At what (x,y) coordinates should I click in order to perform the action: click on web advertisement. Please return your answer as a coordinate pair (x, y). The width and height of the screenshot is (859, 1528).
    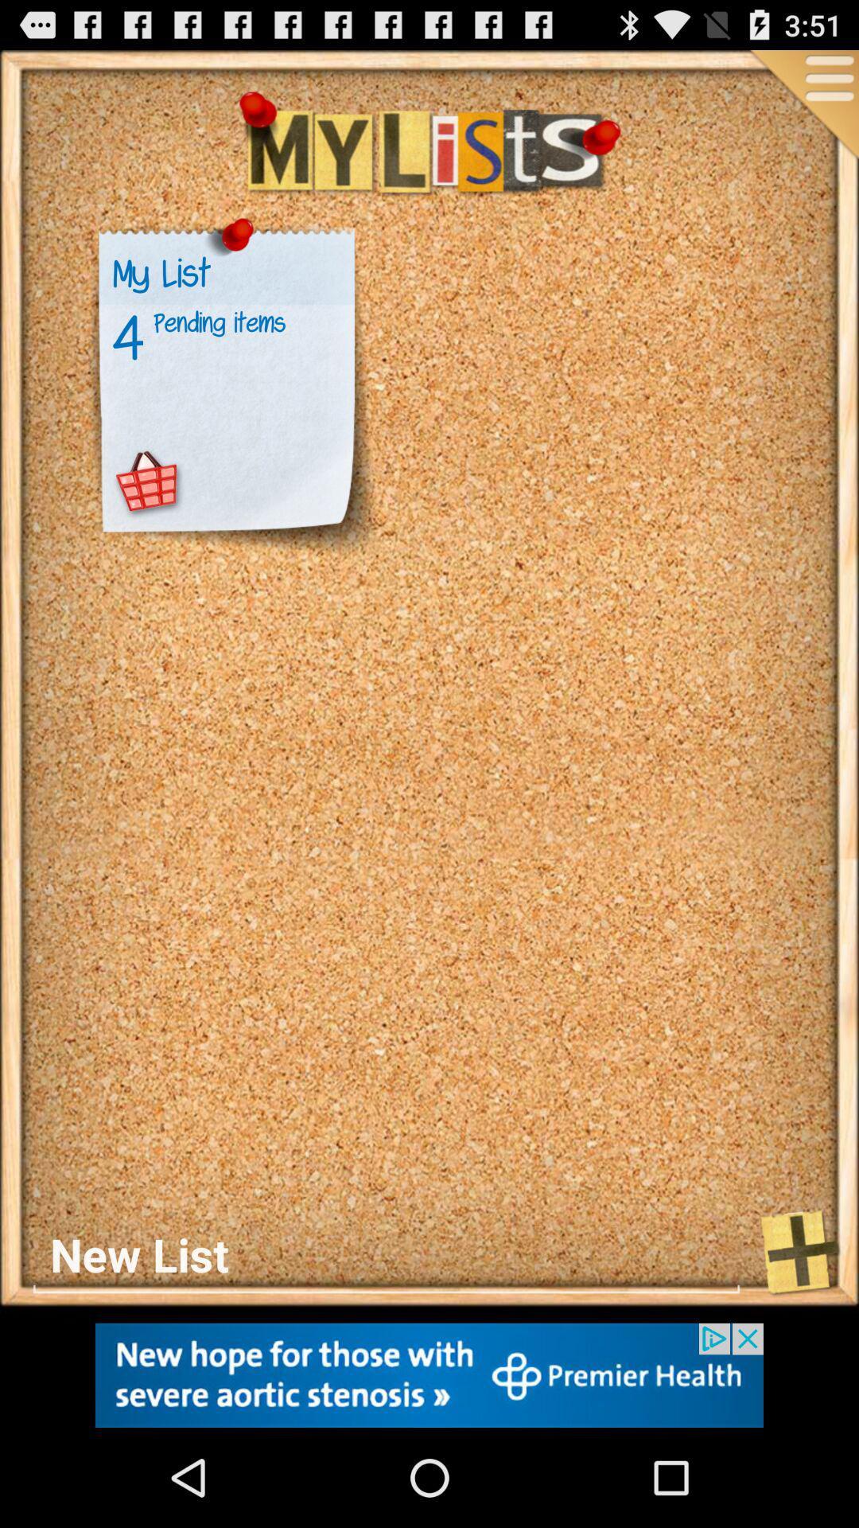
    Looking at the image, I should click on (429, 1374).